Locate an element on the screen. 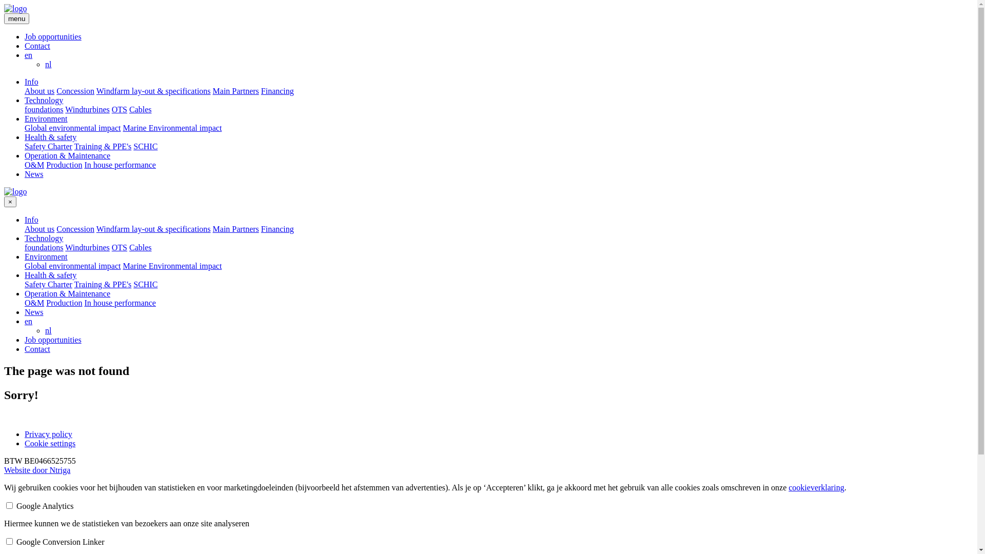  'en' is located at coordinates (25, 55).